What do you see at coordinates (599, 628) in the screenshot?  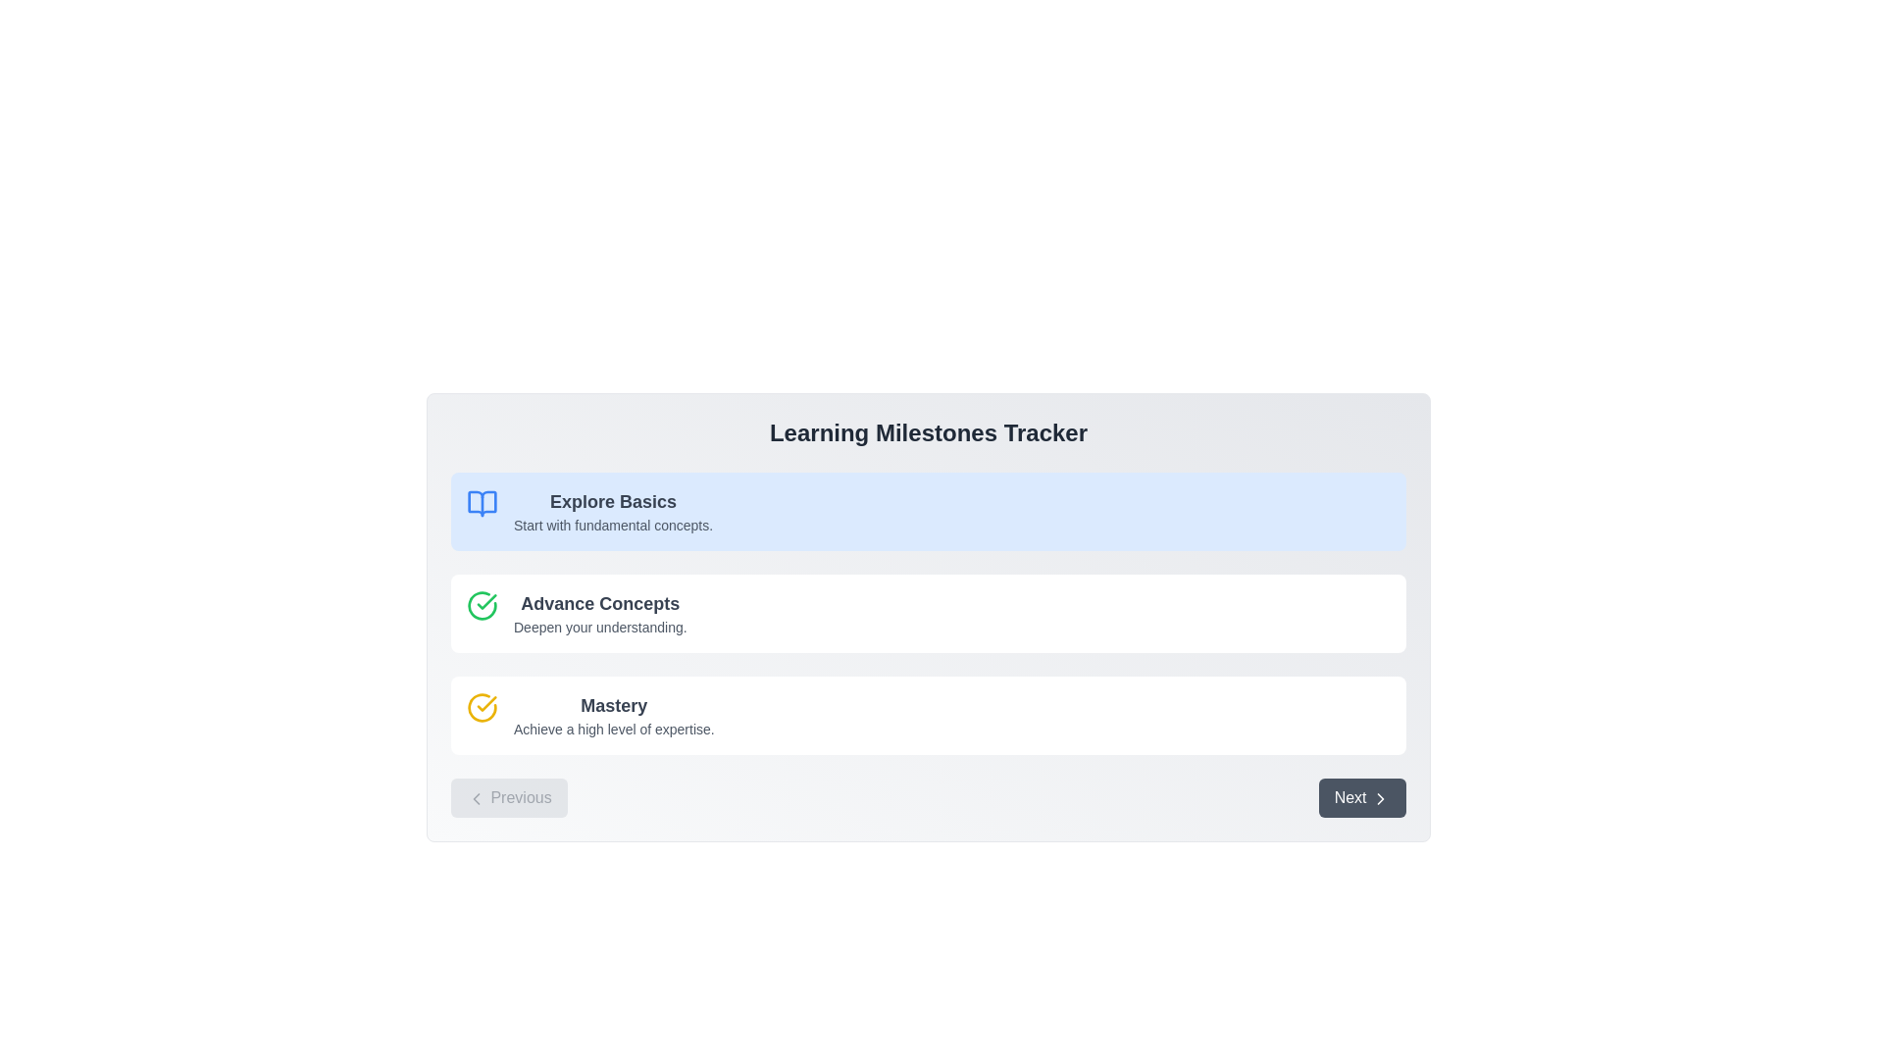 I see `the Text label providing supplementary information related to the 'Advance Concepts' heading, located directly below it` at bounding box center [599, 628].